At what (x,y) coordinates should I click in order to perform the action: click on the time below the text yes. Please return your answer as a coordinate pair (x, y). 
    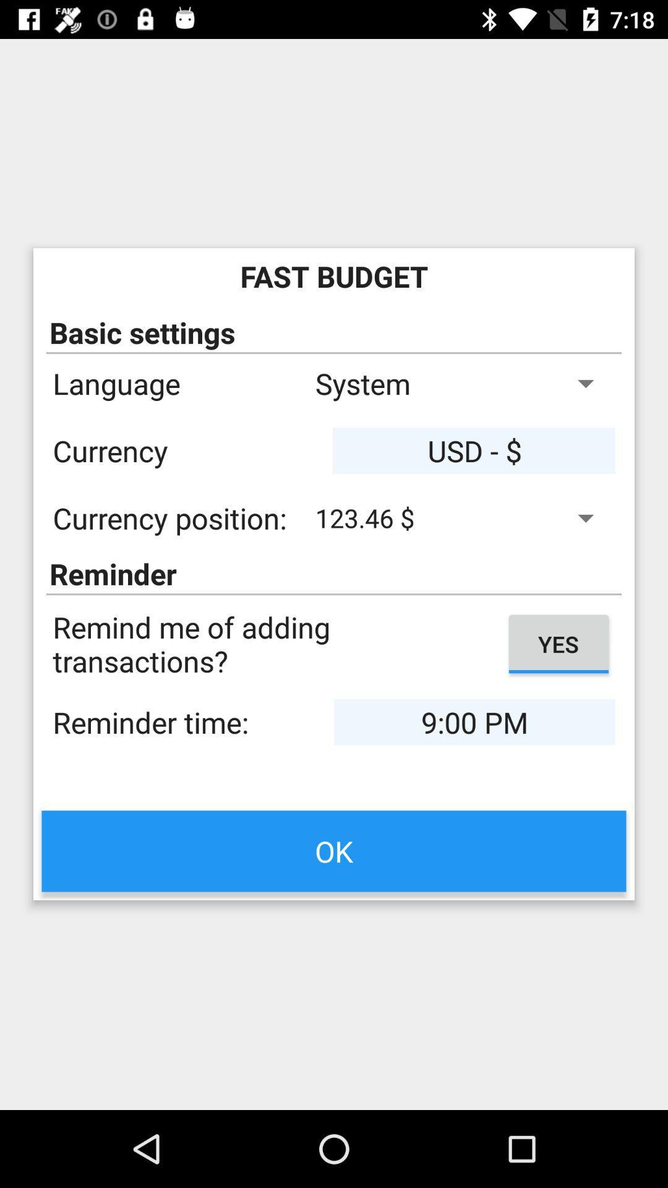
    Looking at the image, I should click on (474, 722).